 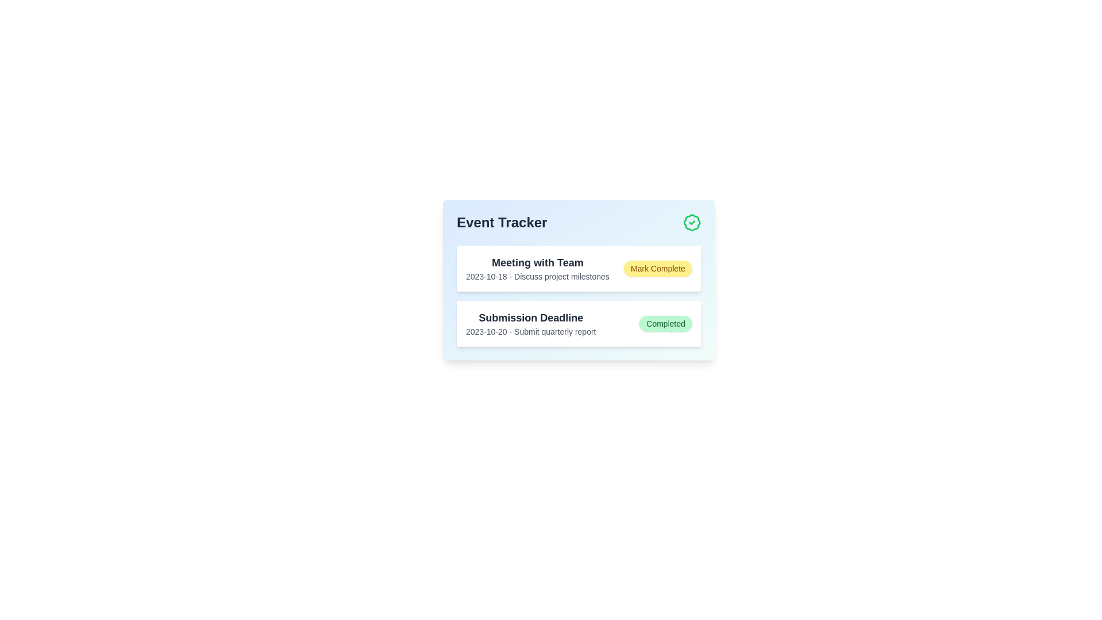 What do you see at coordinates (691, 223) in the screenshot?
I see `the circular SVG element with a check mark located at the top-right corner of the 'Event Tracker' card` at bounding box center [691, 223].